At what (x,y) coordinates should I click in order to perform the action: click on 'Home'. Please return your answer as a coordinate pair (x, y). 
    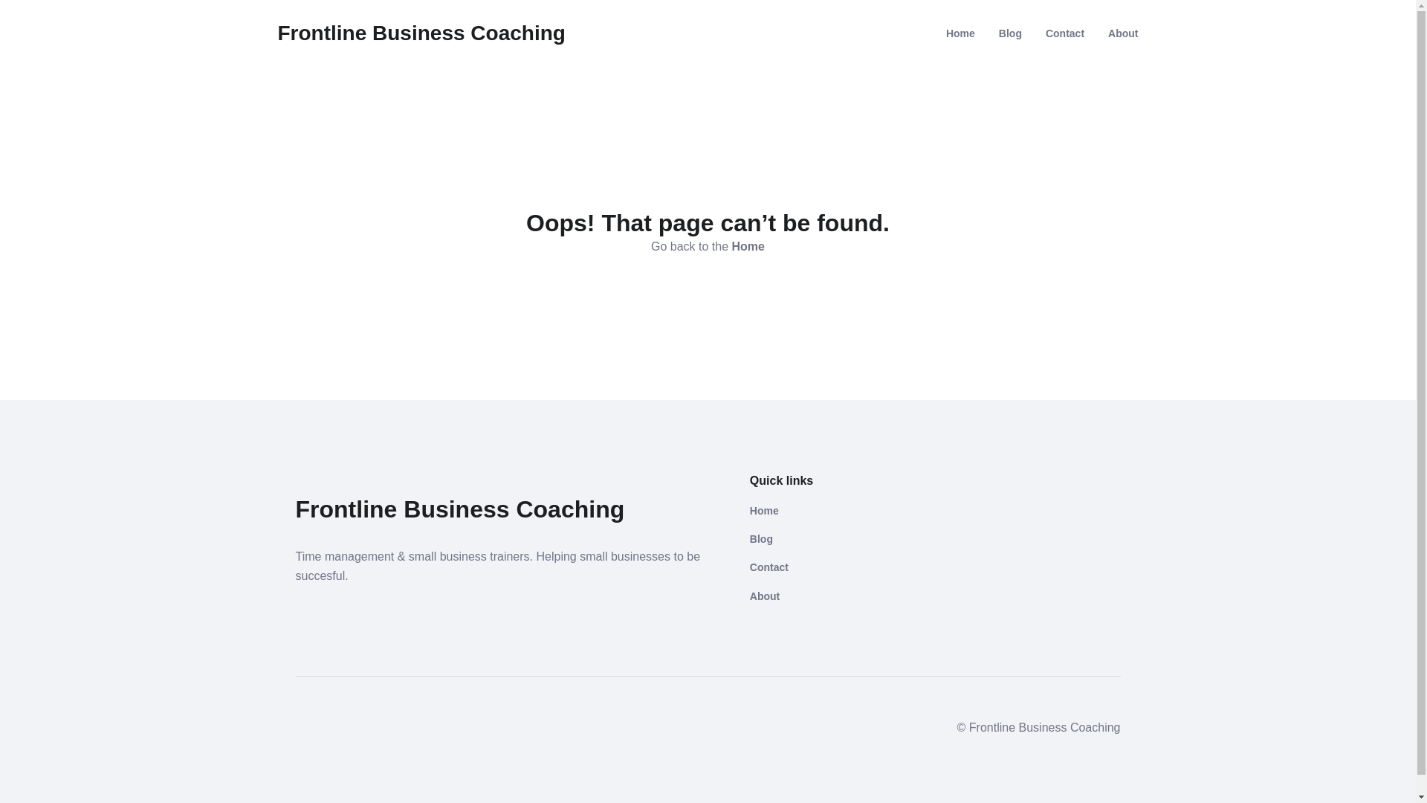
    Looking at the image, I should click on (748, 245).